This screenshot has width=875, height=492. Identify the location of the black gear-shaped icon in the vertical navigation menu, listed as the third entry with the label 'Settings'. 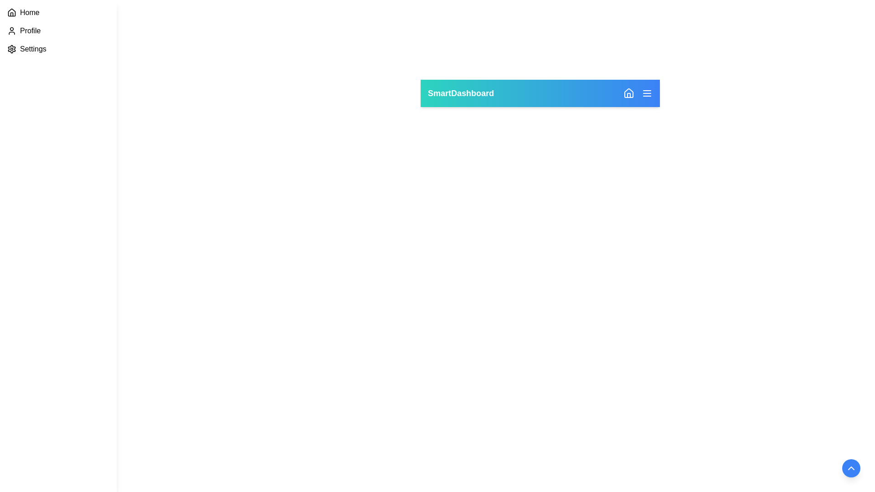
(11, 49).